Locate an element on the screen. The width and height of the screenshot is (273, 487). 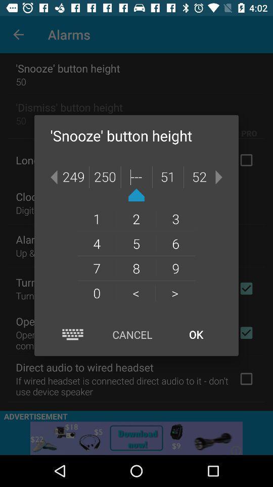
the 2 item is located at coordinates (136, 219).